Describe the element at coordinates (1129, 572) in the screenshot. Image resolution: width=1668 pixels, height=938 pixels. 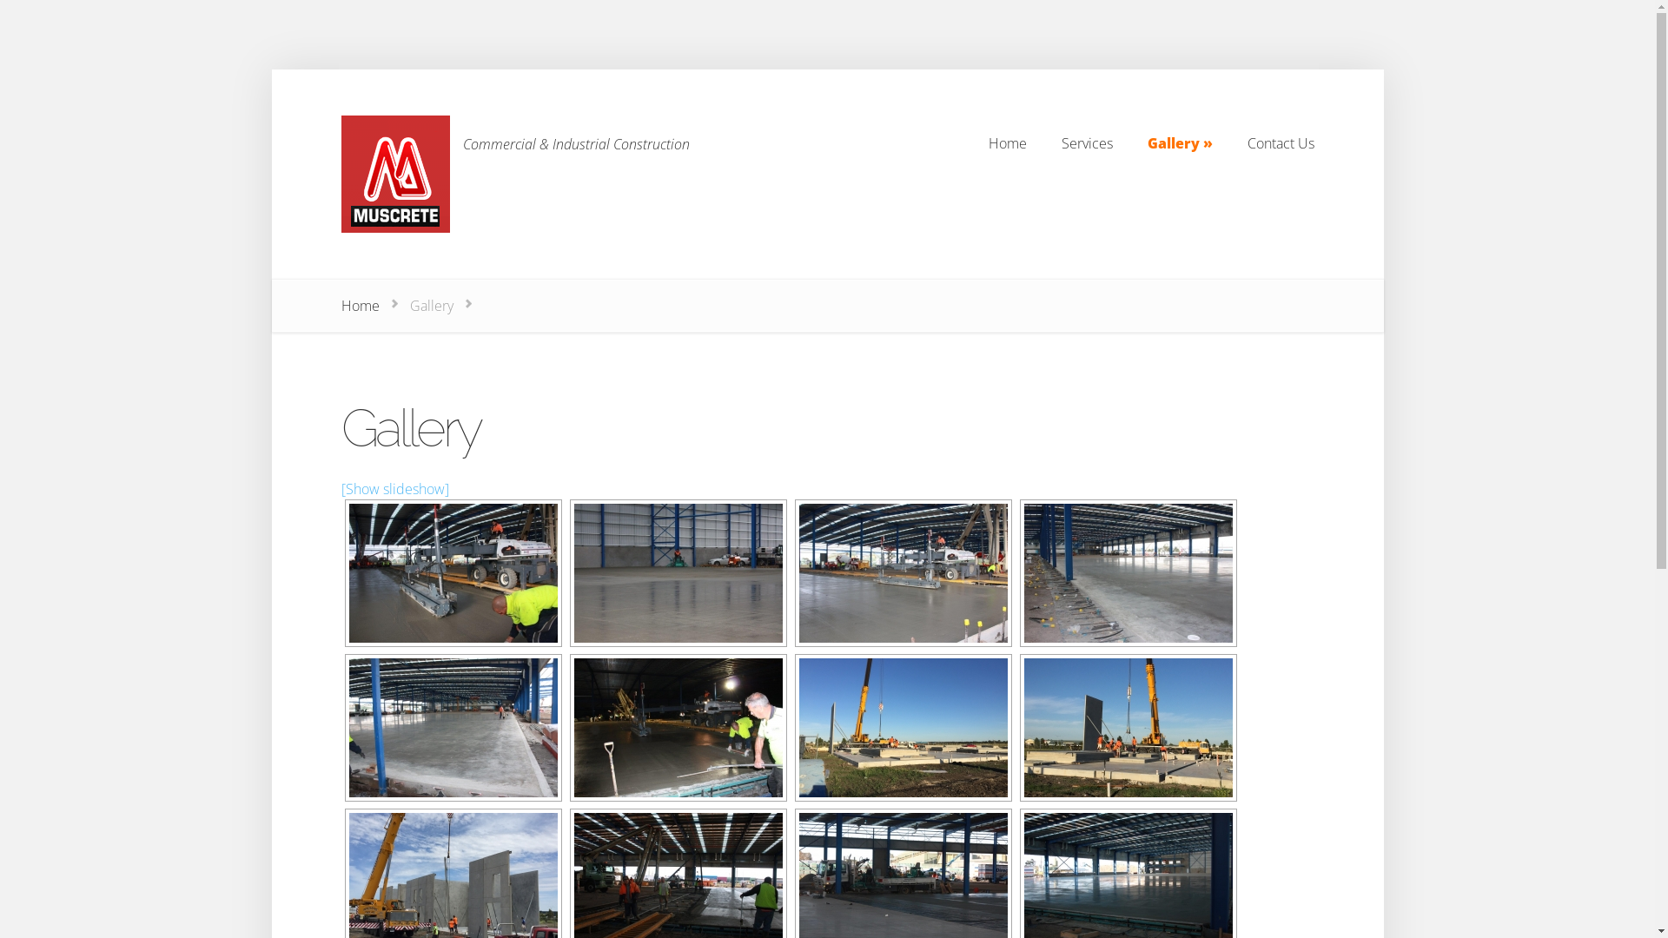
I see `'Muscrete Jobs 048'` at that location.